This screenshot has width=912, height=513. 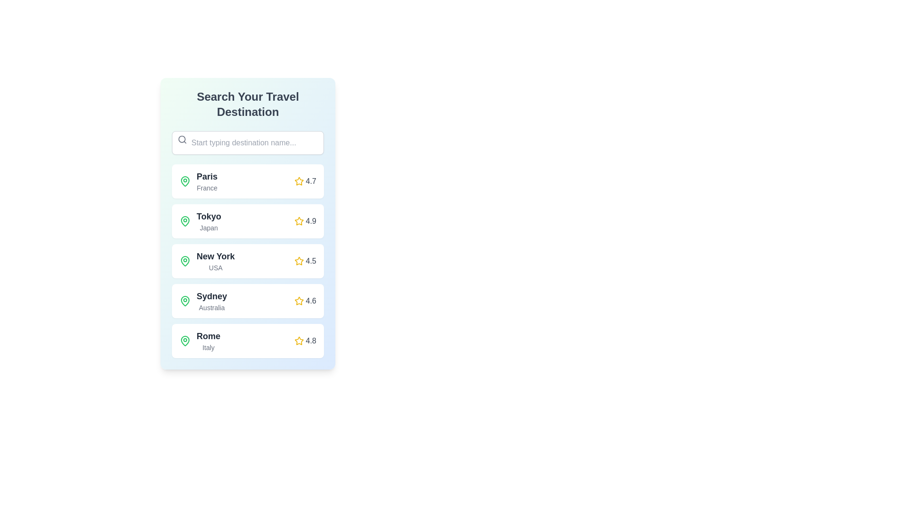 I want to click on the rating value text label for the destination 'Paris, France', which is positioned next to a yellow star icon, so click(x=311, y=181).